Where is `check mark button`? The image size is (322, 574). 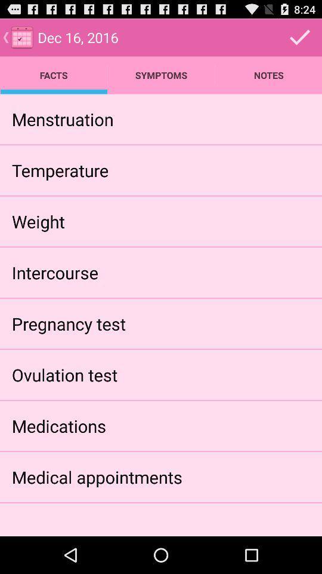 check mark button is located at coordinates (299, 37).